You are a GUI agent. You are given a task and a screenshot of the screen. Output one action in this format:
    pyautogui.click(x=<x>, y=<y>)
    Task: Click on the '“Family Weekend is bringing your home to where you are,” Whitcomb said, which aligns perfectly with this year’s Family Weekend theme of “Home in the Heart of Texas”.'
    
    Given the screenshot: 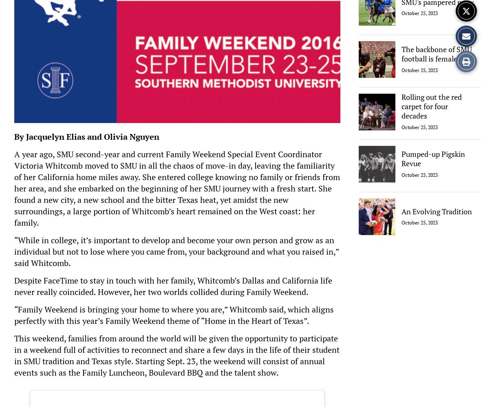 What is the action you would take?
    pyautogui.click(x=174, y=315)
    